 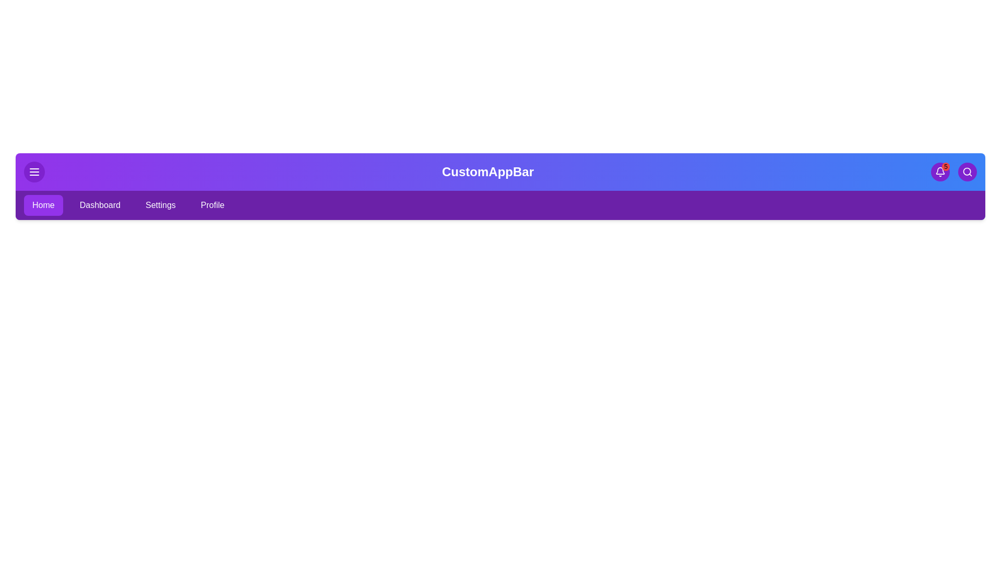 I want to click on the search button to activate the search functionality, so click(x=967, y=172).